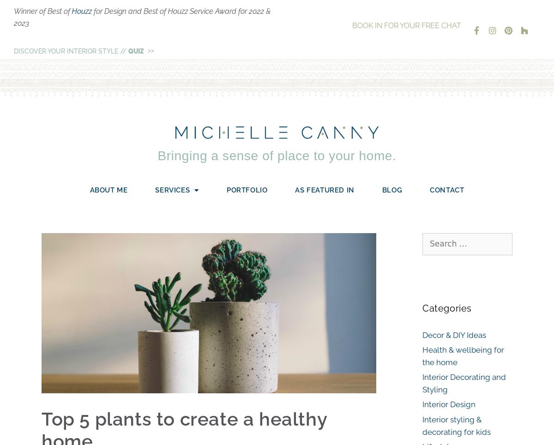  I want to click on 'Categories', so click(422, 307).